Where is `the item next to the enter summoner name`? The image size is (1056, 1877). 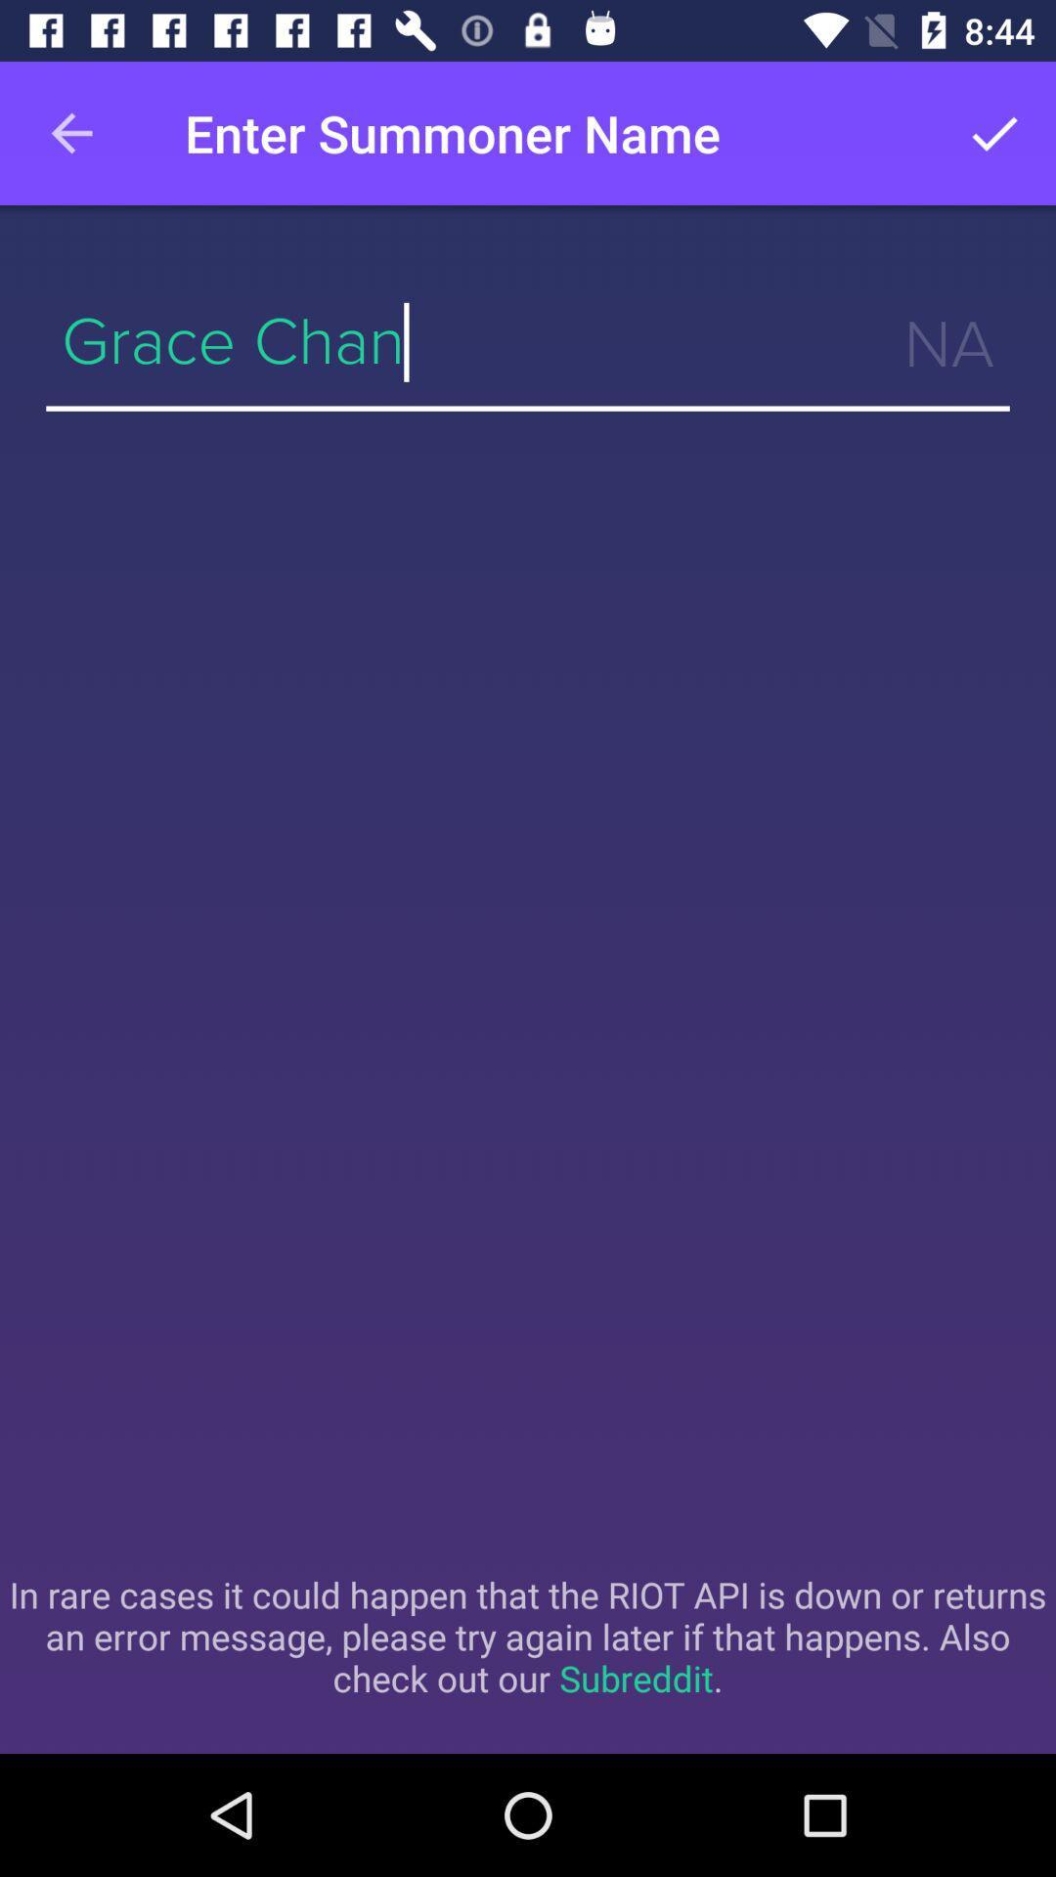
the item next to the enter summoner name is located at coordinates (70, 132).